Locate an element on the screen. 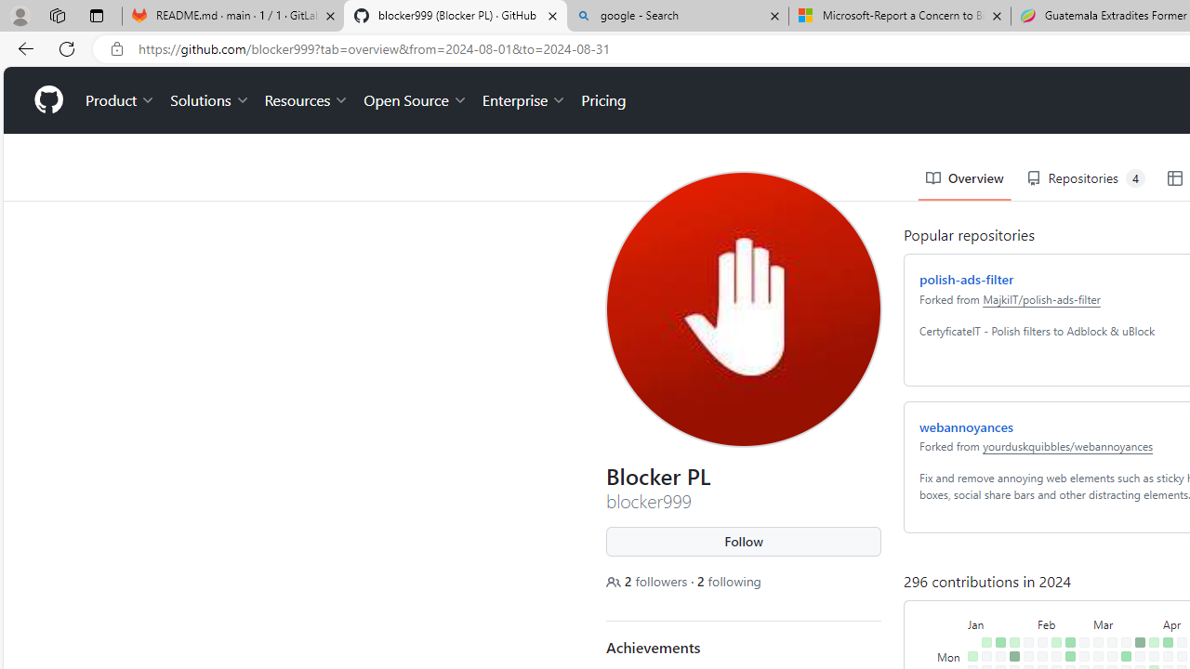 The height and width of the screenshot is (669, 1190). '13 contributions on January 17th.' is located at coordinates (996, 617).